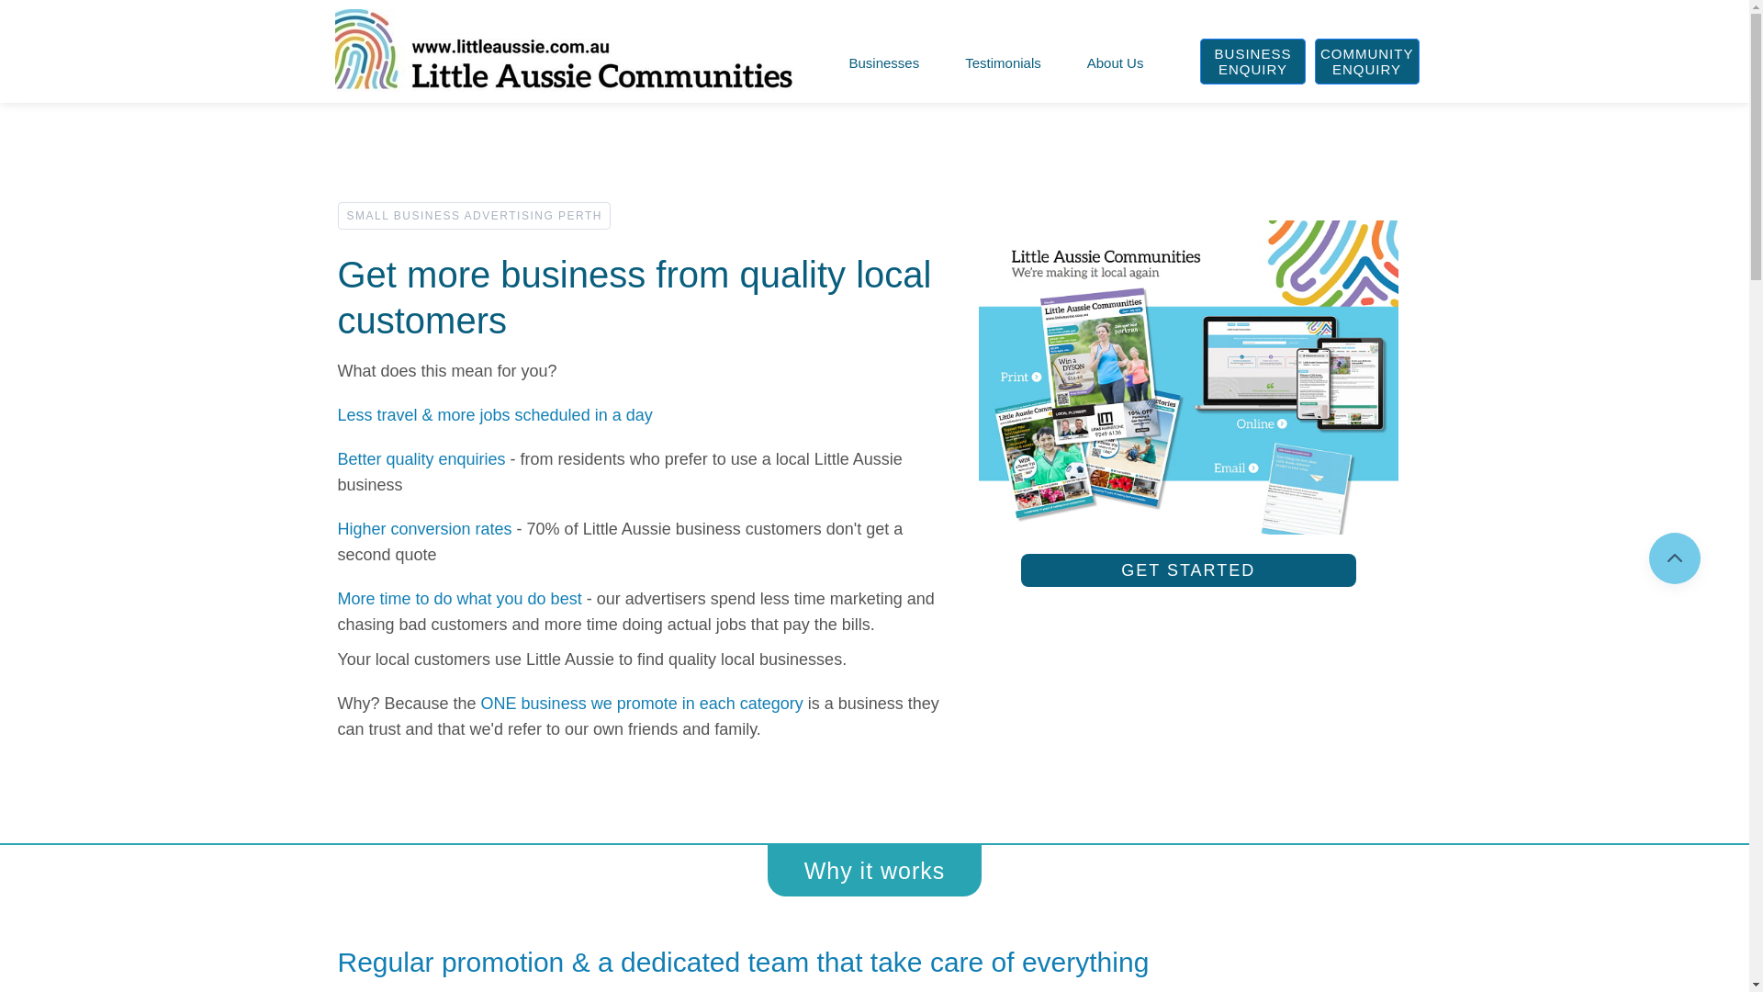 The height and width of the screenshot is (992, 1763). Describe the element at coordinates (1366, 60) in the screenshot. I see `'COMMUNITY ENQUIRY'` at that location.